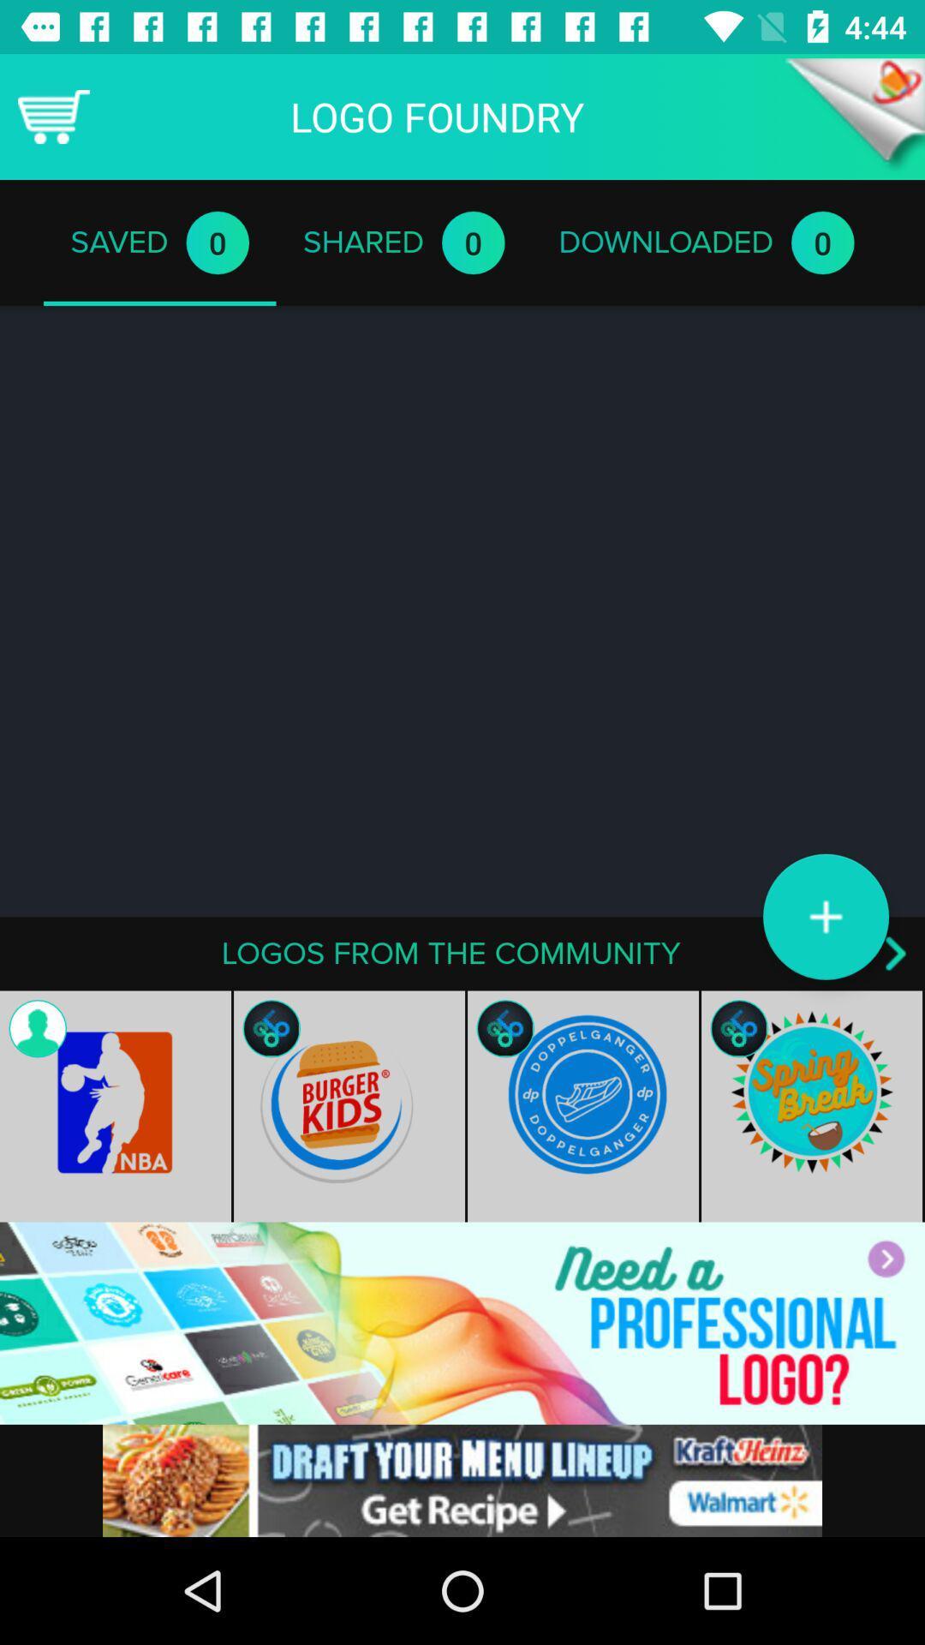  I want to click on cart, so click(52, 116).